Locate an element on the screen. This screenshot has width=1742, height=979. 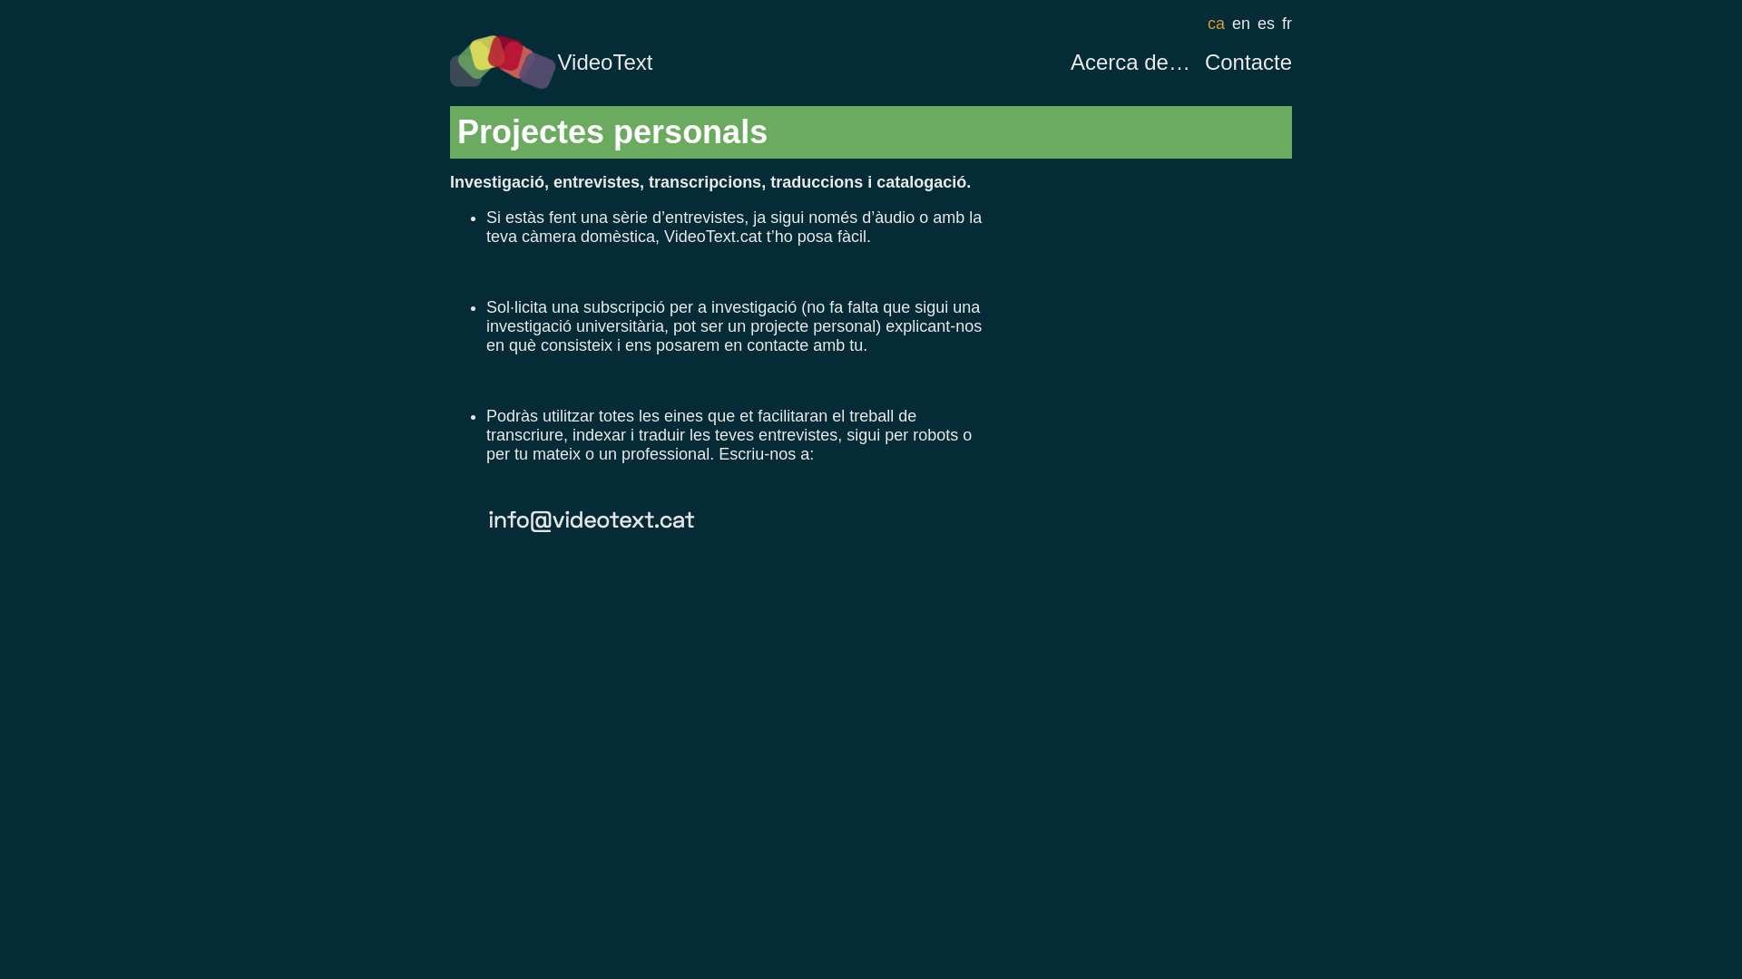
'fr' is located at coordinates (1286, 24).